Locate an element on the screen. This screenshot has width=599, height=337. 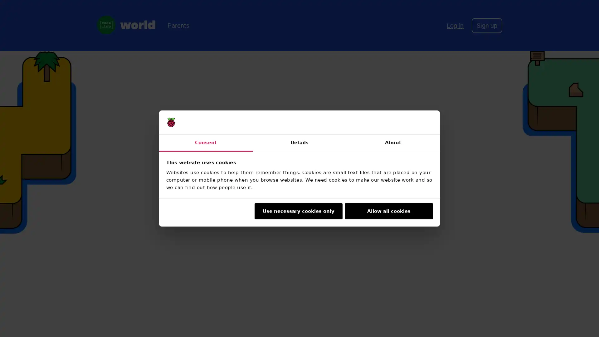
Log in is located at coordinates (455, 25).